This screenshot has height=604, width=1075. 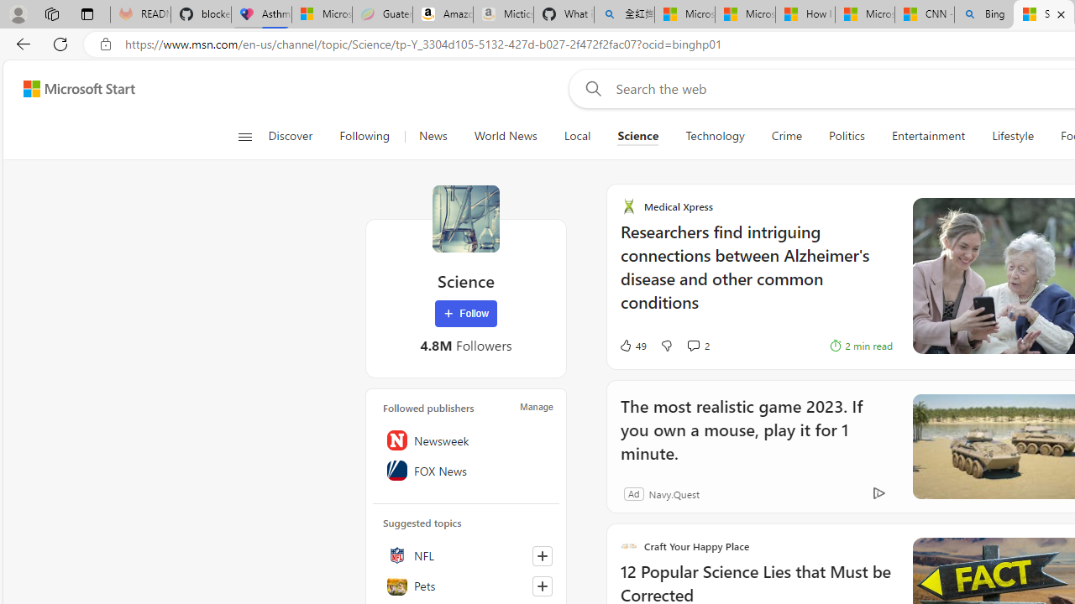 What do you see at coordinates (632, 345) in the screenshot?
I see `'49 Like'` at bounding box center [632, 345].